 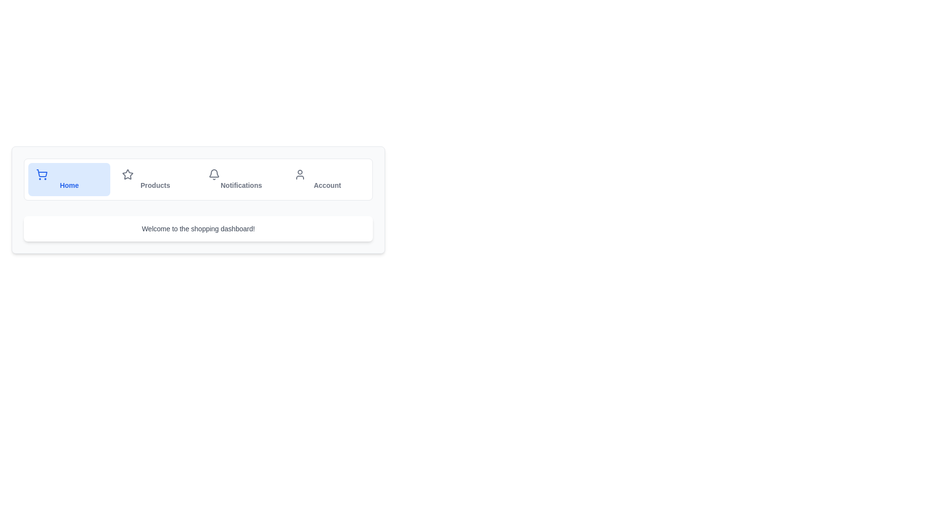 What do you see at coordinates (127, 174) in the screenshot?
I see `the star-shaped icon with a gray outline in the navigation bar, which is the second icon to the right of the cart icon and the 'Home' label` at bounding box center [127, 174].